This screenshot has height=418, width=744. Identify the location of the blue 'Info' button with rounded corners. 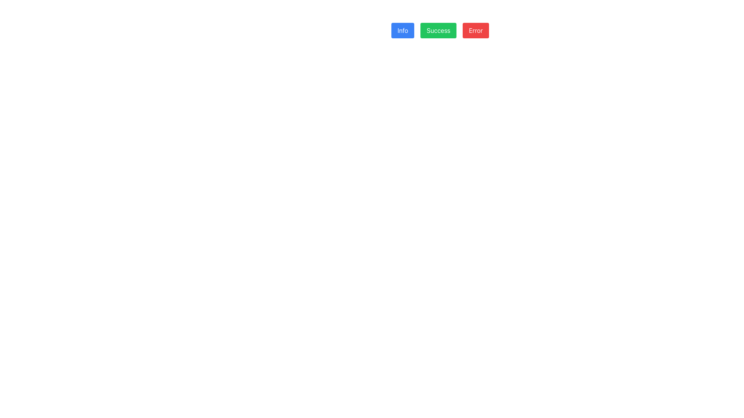
(403, 30).